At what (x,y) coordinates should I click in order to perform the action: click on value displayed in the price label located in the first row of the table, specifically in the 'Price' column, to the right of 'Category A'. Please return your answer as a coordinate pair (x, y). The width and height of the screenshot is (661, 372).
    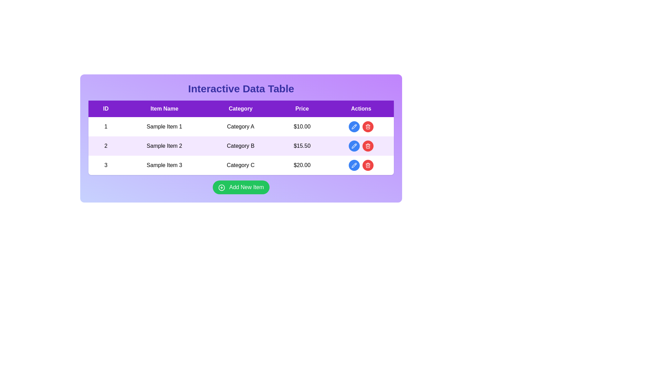
    Looking at the image, I should click on (302, 126).